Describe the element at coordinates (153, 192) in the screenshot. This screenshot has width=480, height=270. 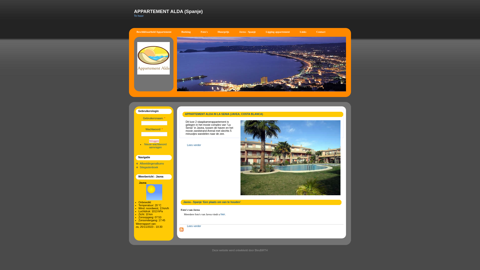
I see `'Onbewolkt'` at that location.